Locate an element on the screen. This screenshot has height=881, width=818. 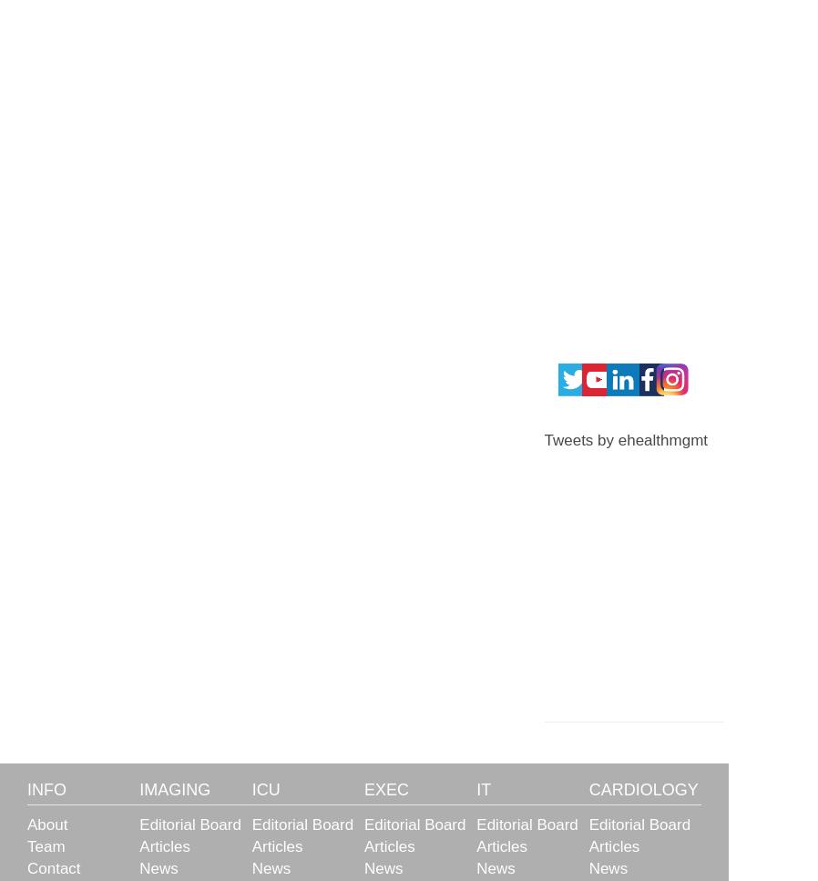
'IT' is located at coordinates (482, 788).